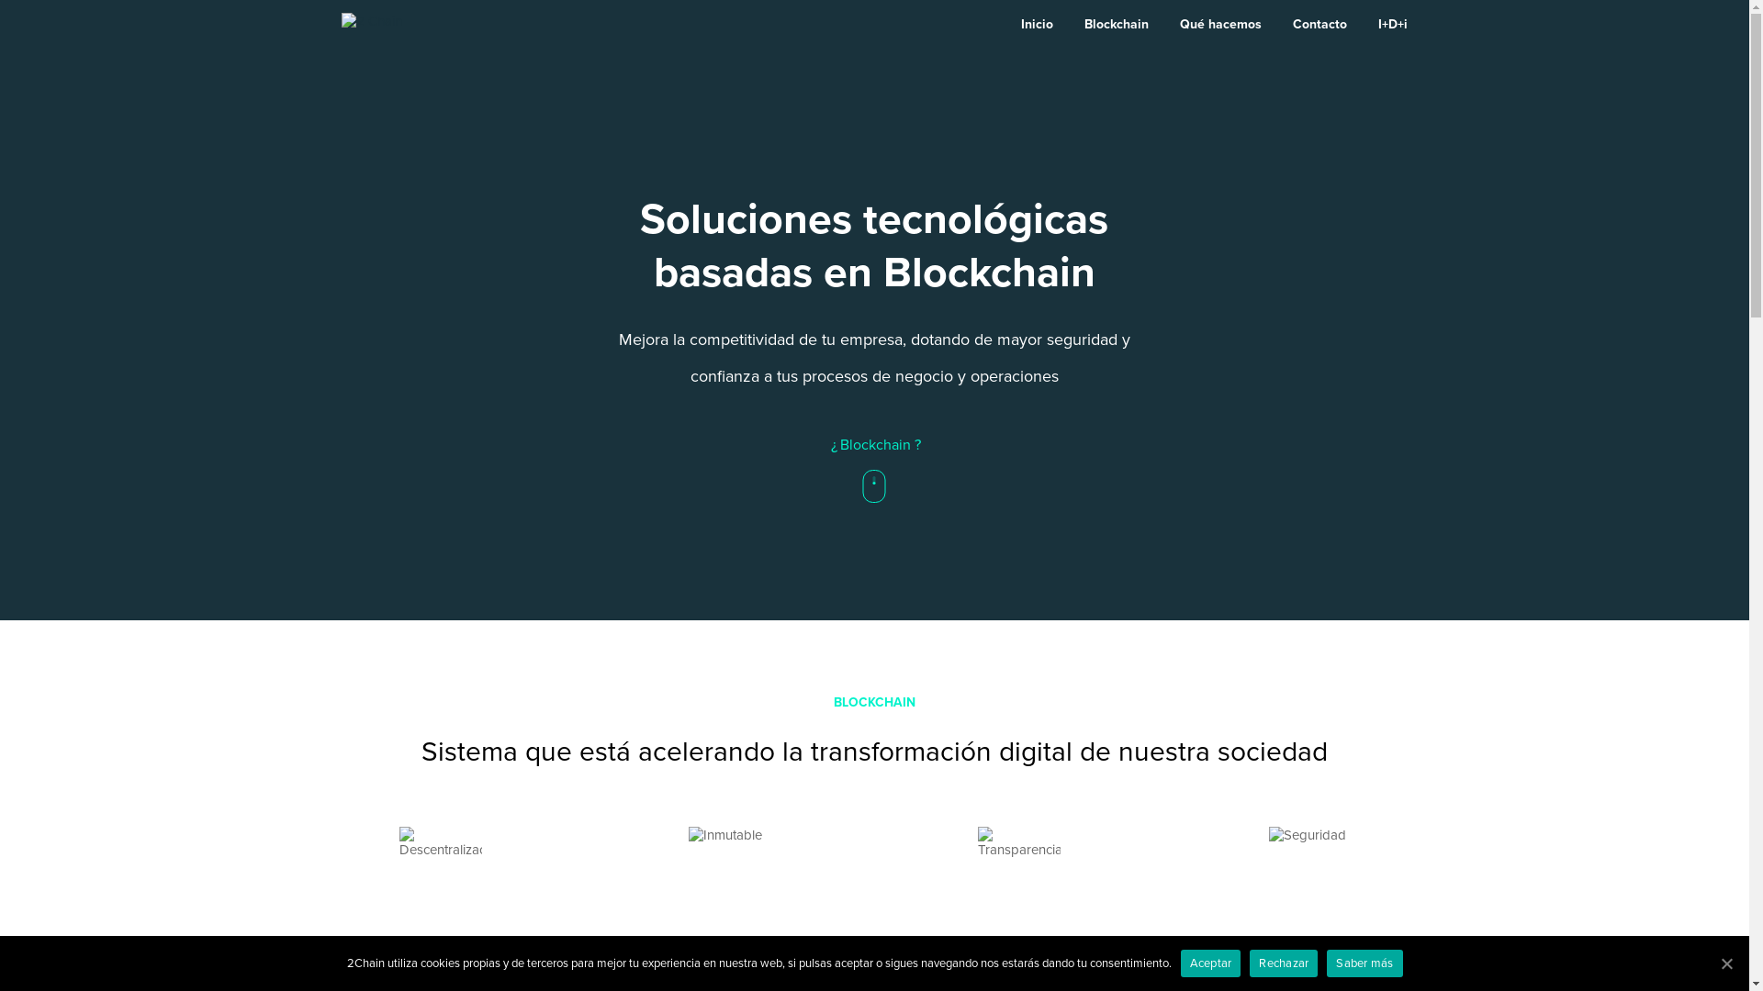 The image size is (1763, 991). What do you see at coordinates (1392, 25) in the screenshot?
I see `'I+D+i'` at bounding box center [1392, 25].